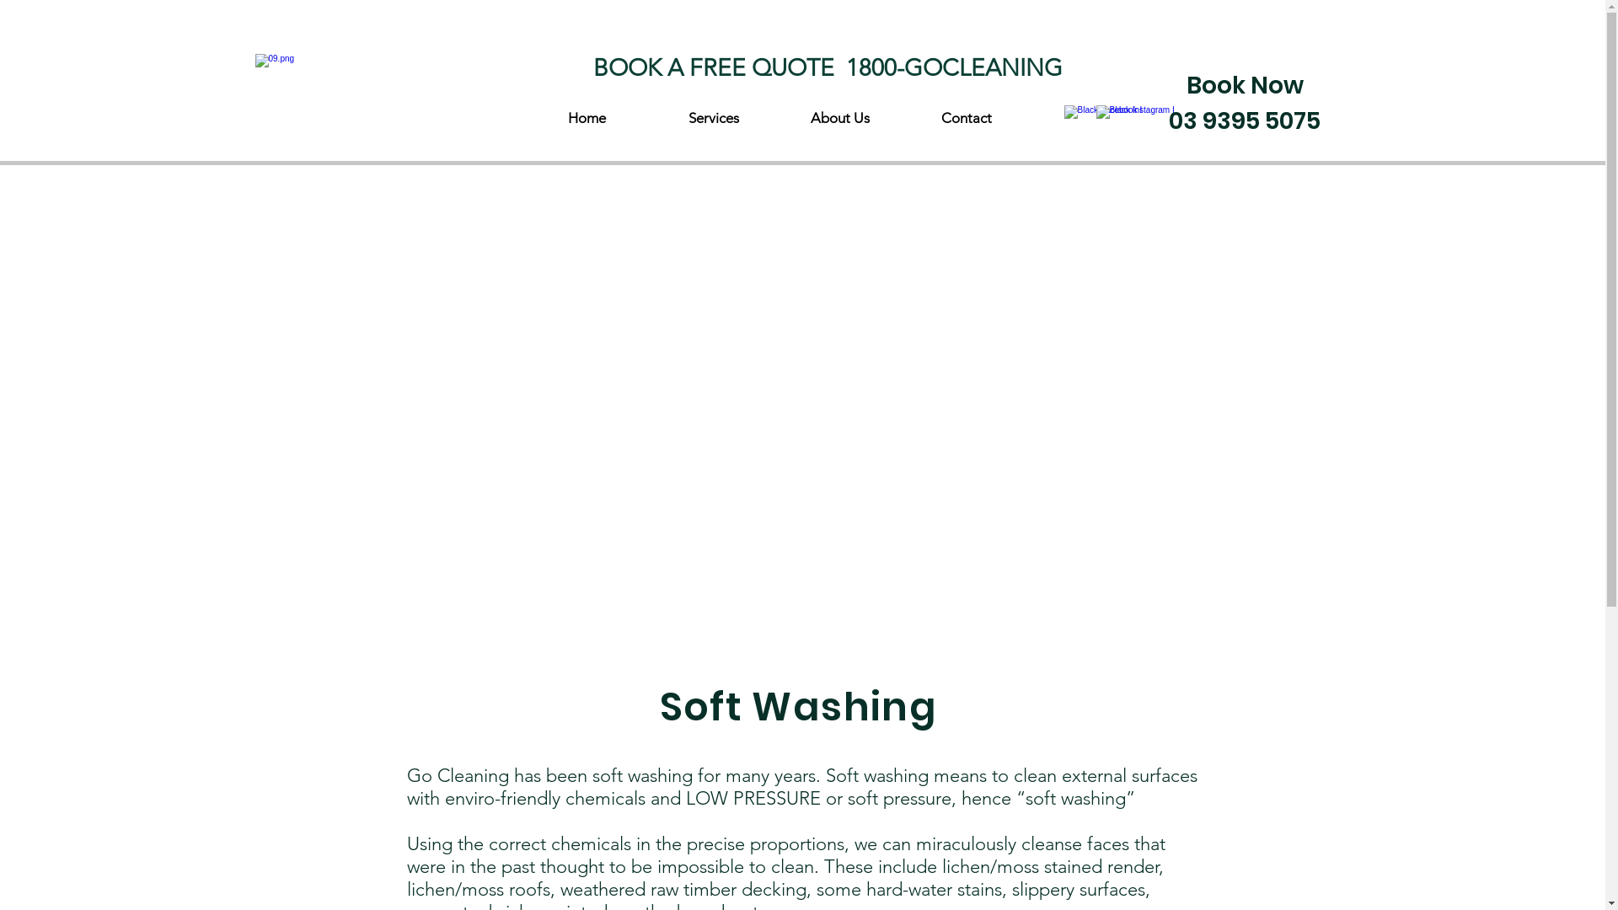 The image size is (1618, 910). I want to click on 'About Us', so click(840, 116).